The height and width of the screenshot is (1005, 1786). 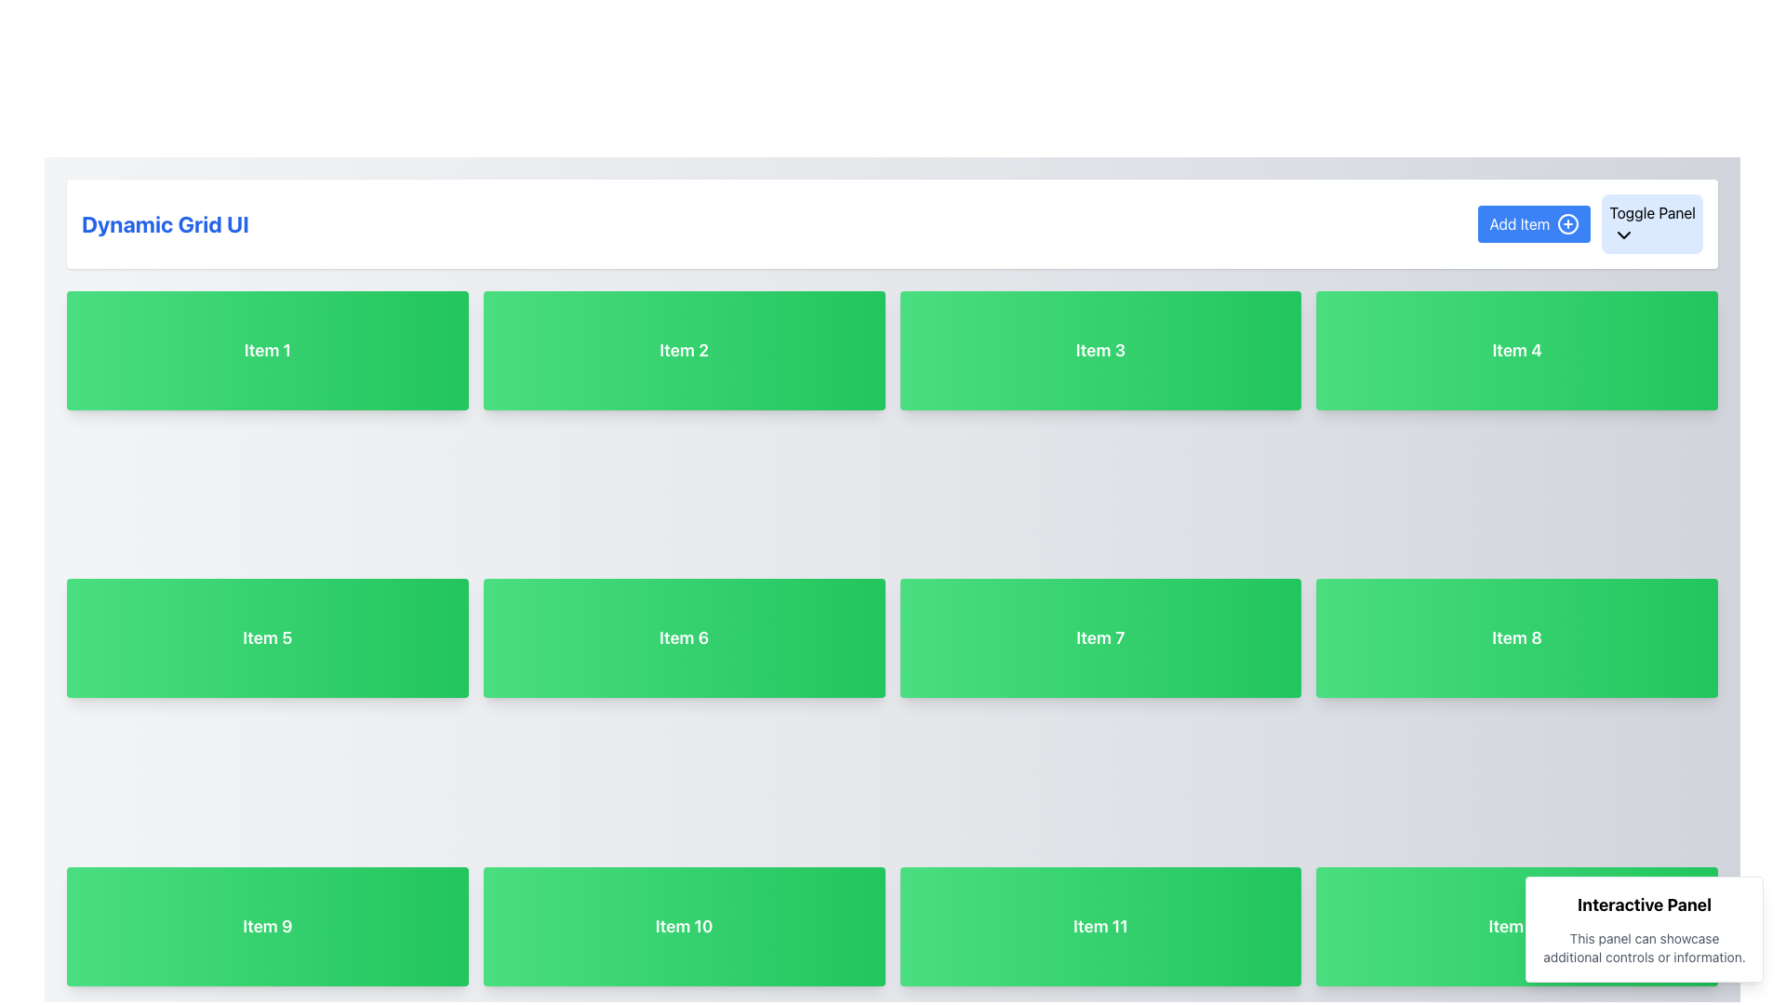 I want to click on the circular icon with a plus symbol located to the right of the 'Add Item' button, so click(x=1567, y=222).